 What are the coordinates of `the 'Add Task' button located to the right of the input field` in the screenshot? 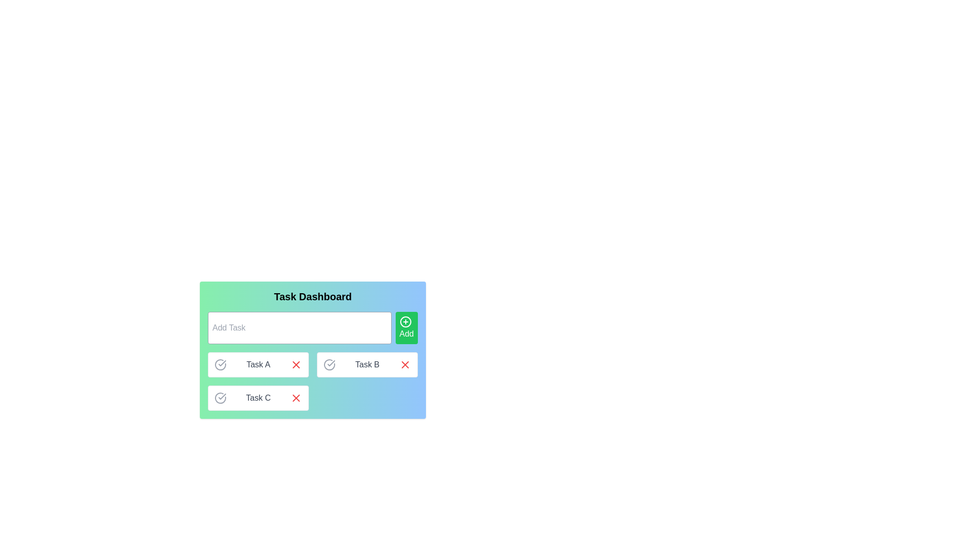 It's located at (406, 328).